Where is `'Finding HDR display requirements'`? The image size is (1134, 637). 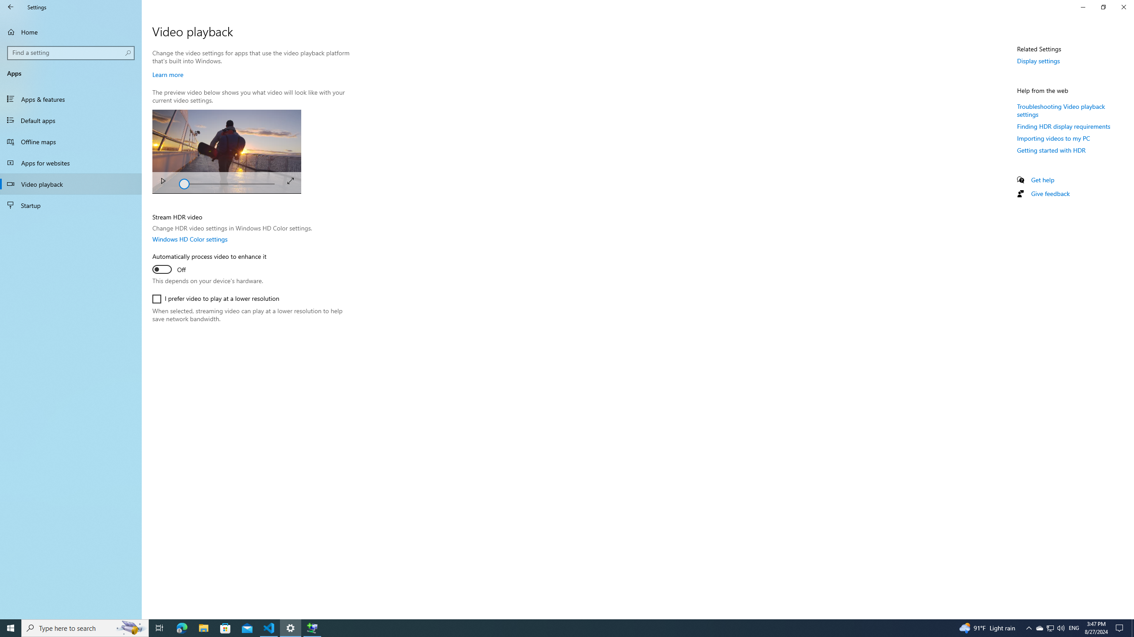 'Finding HDR display requirements' is located at coordinates (1064, 126).